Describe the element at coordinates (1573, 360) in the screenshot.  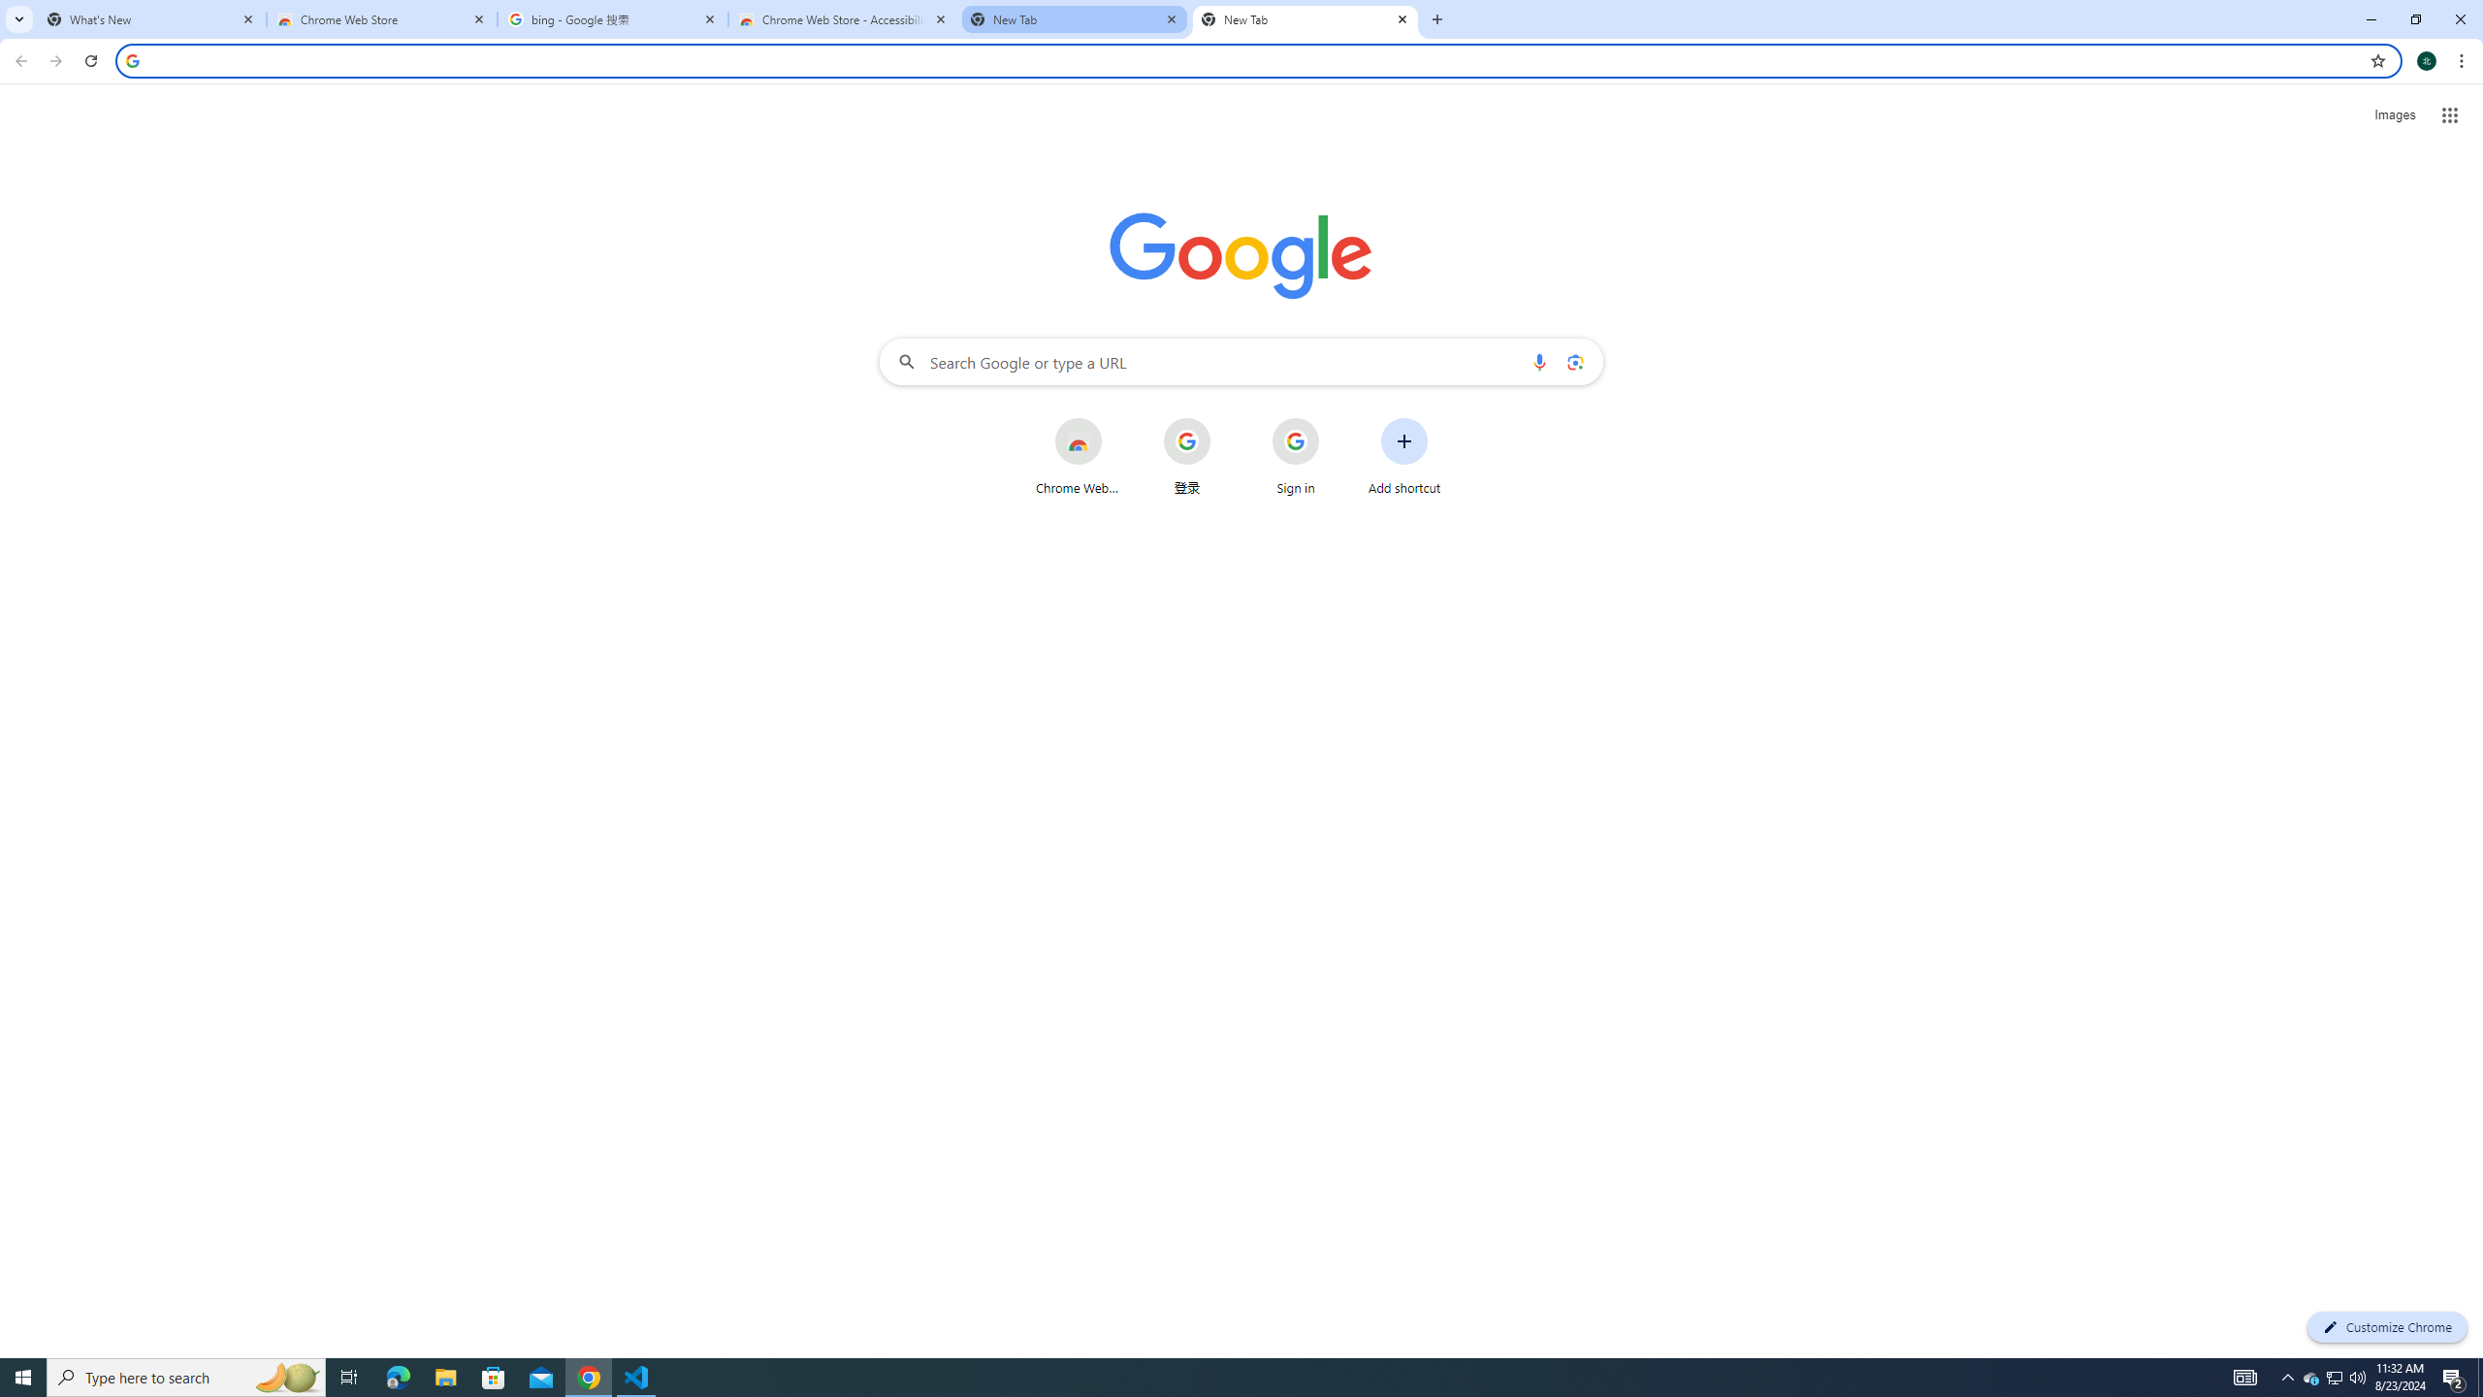
I see `'Search by image'` at that location.